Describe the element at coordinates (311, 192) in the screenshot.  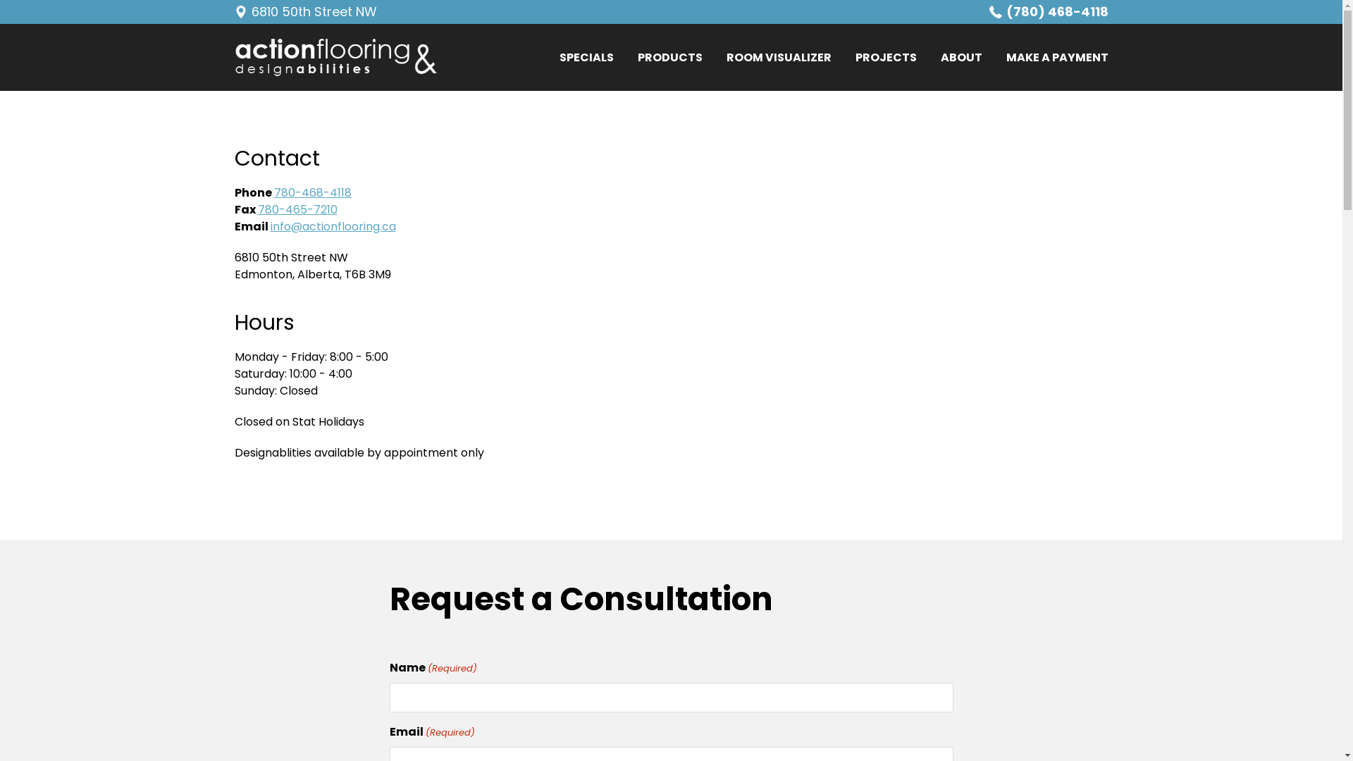
I see `'780-468-4118'` at that location.